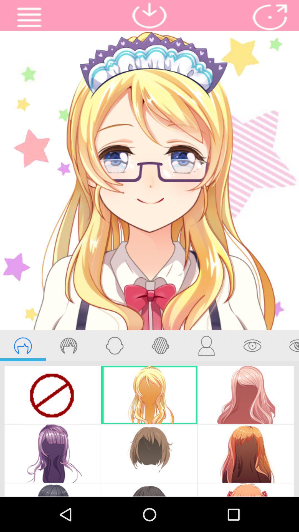 This screenshot has width=299, height=532. I want to click on hair styles, so click(22, 345).